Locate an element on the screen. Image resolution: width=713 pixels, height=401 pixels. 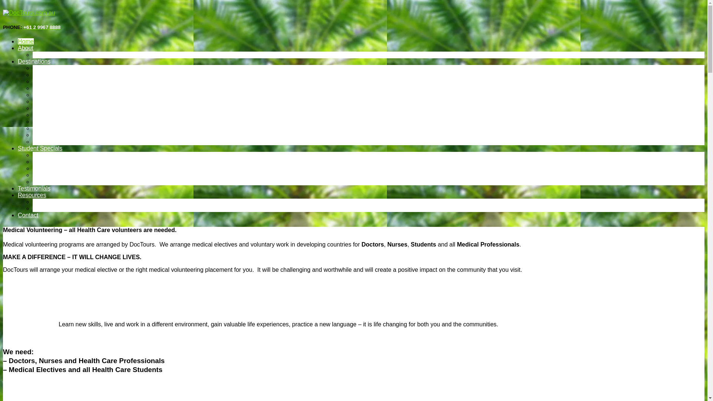
'Fiji for students' is located at coordinates (52, 154).